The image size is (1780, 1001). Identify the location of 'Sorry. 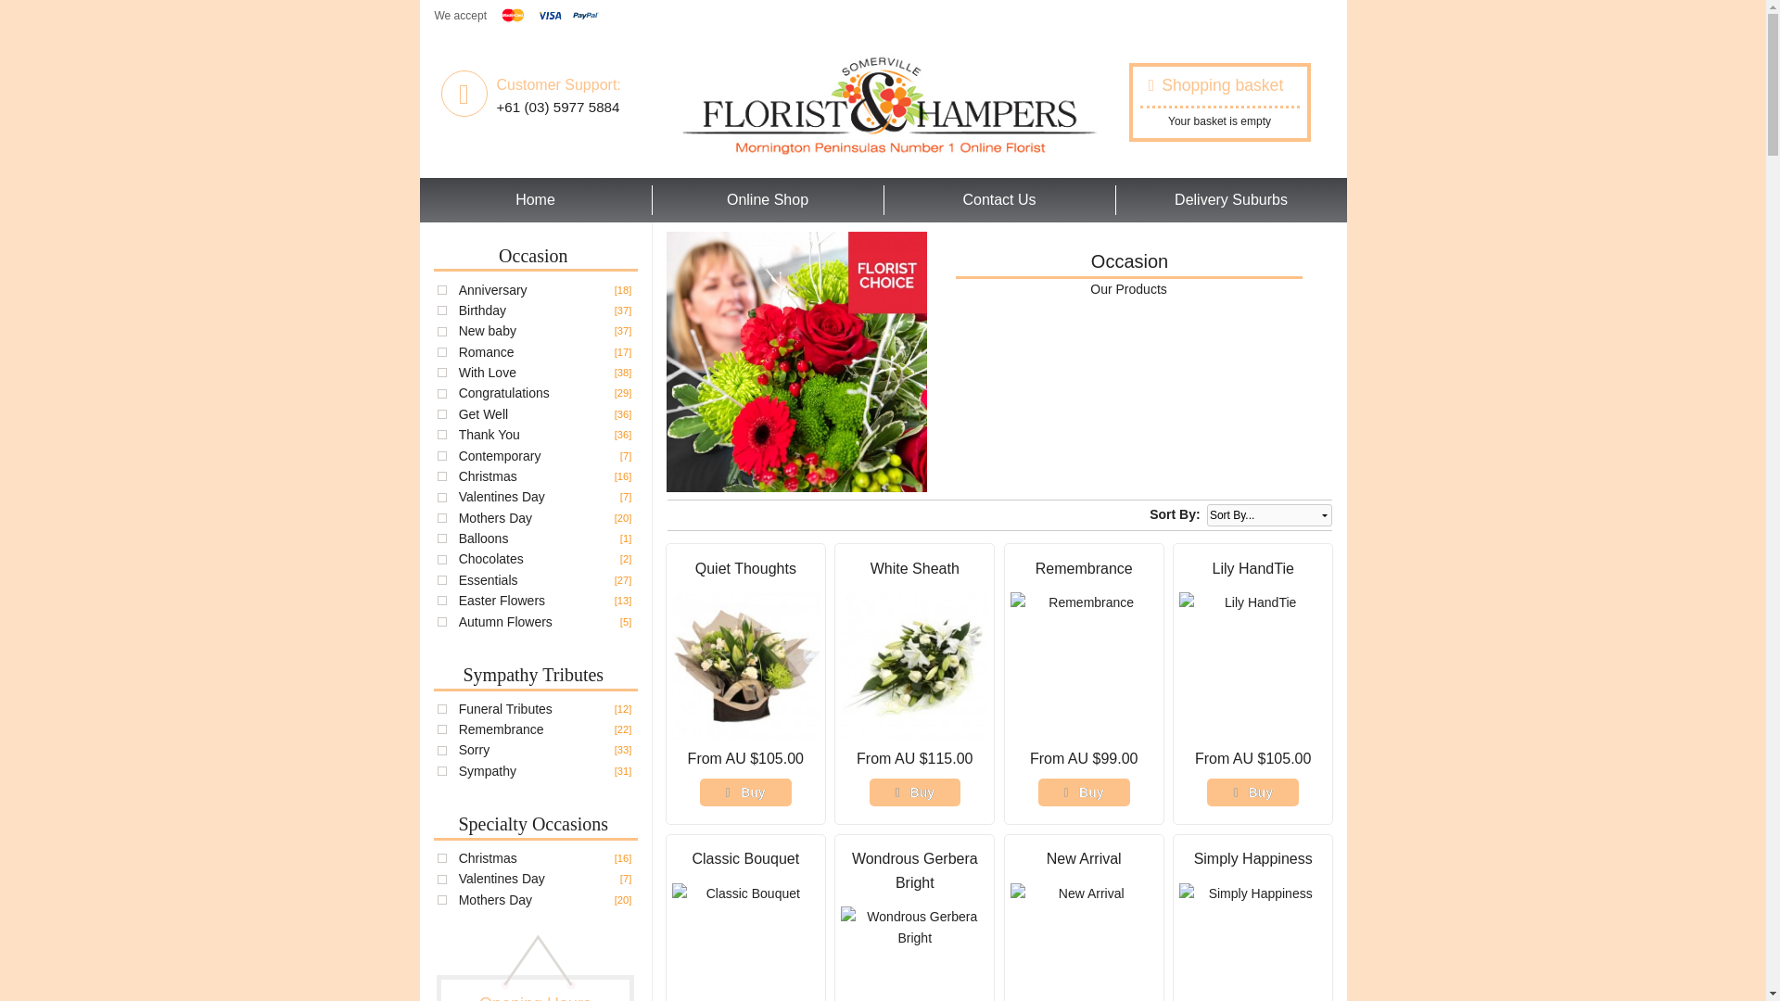
(474, 749).